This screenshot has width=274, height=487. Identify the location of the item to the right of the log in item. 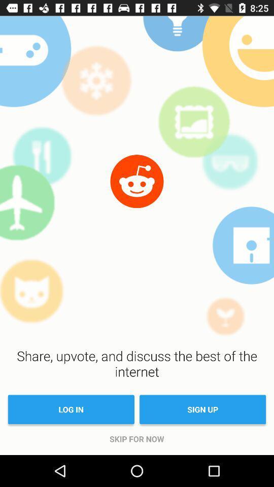
(202, 409).